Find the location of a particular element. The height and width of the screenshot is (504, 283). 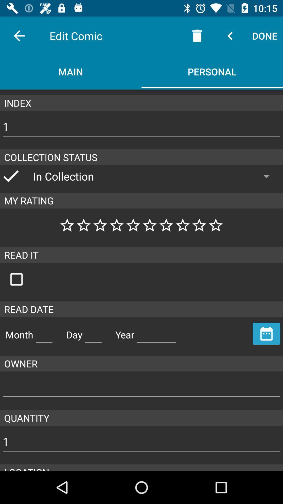

the date_range icon is located at coordinates (266, 333).